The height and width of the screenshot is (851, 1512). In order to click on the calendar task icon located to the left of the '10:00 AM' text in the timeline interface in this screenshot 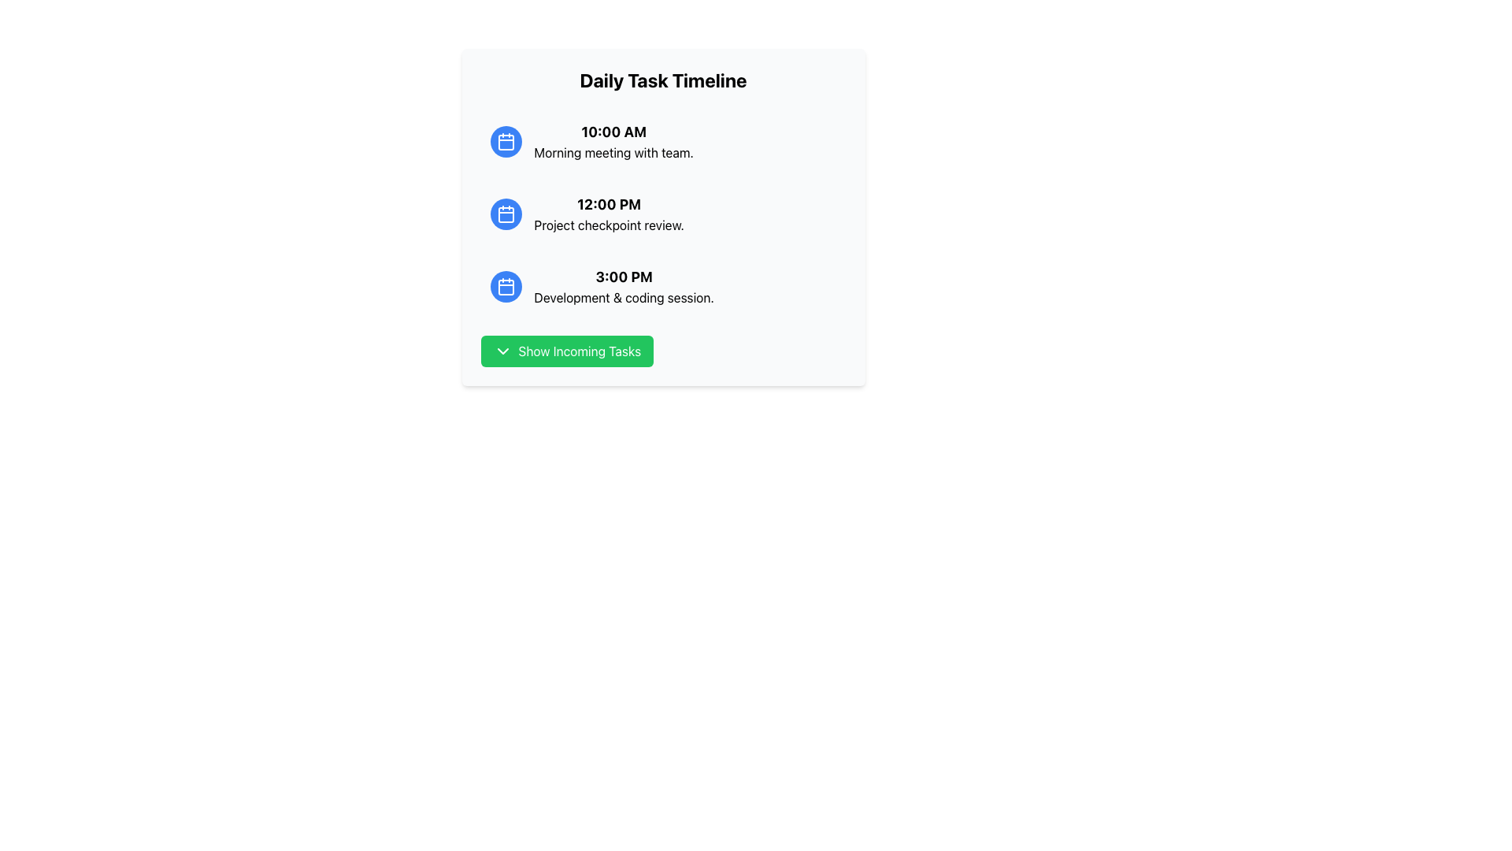, I will do `click(506, 142)`.